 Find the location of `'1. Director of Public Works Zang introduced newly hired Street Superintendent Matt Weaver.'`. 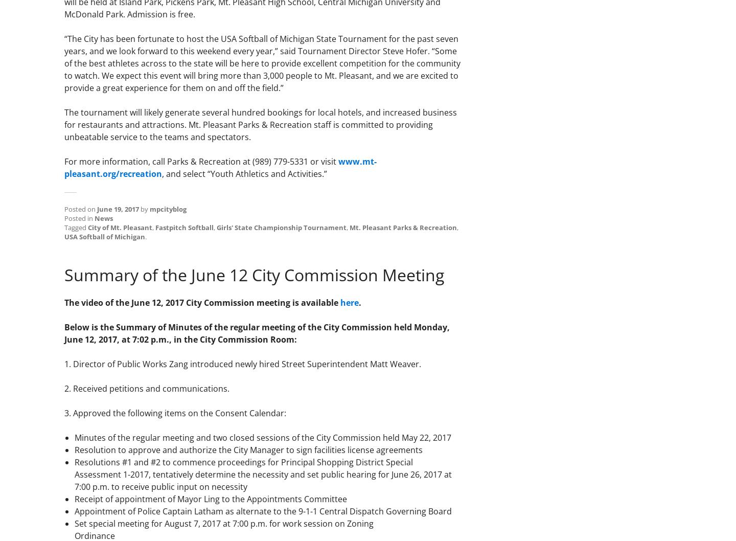

'1. Director of Public Works Zang introduced newly hired Street Superintendent Matt Weaver.' is located at coordinates (243, 363).